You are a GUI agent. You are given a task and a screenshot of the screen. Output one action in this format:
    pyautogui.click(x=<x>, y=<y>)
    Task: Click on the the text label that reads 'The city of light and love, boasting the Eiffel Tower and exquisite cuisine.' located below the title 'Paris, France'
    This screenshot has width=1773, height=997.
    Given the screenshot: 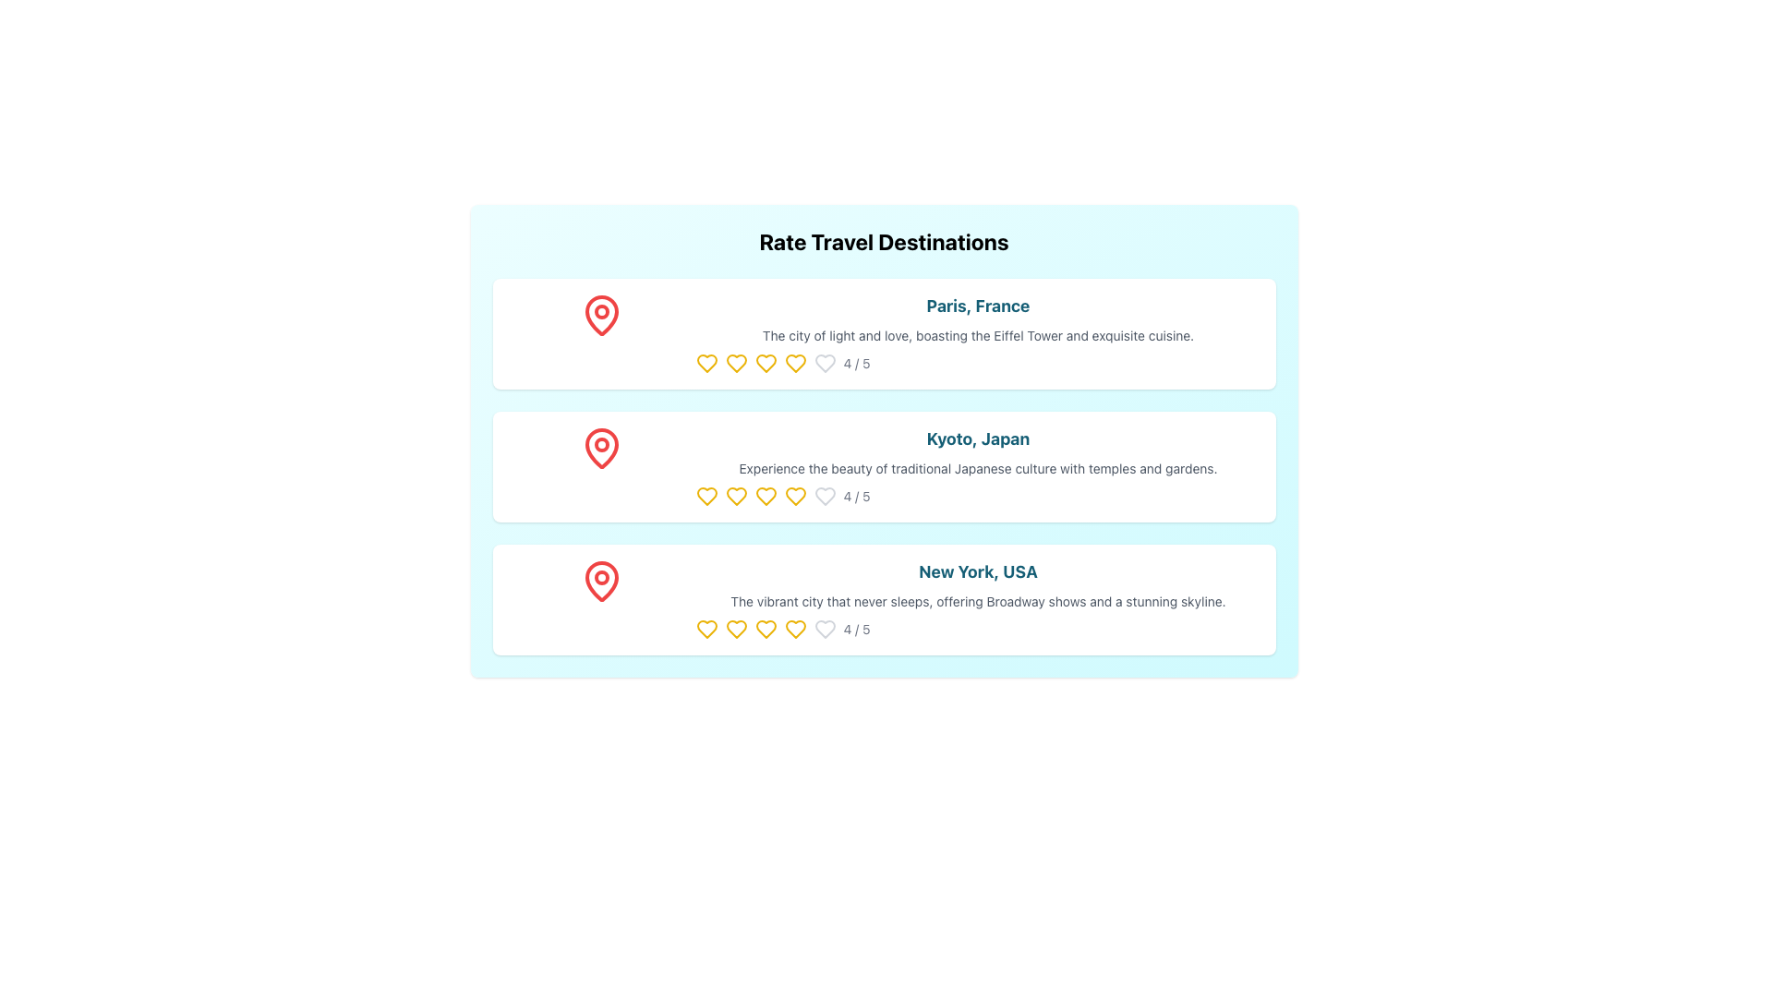 What is the action you would take?
    pyautogui.click(x=977, y=335)
    